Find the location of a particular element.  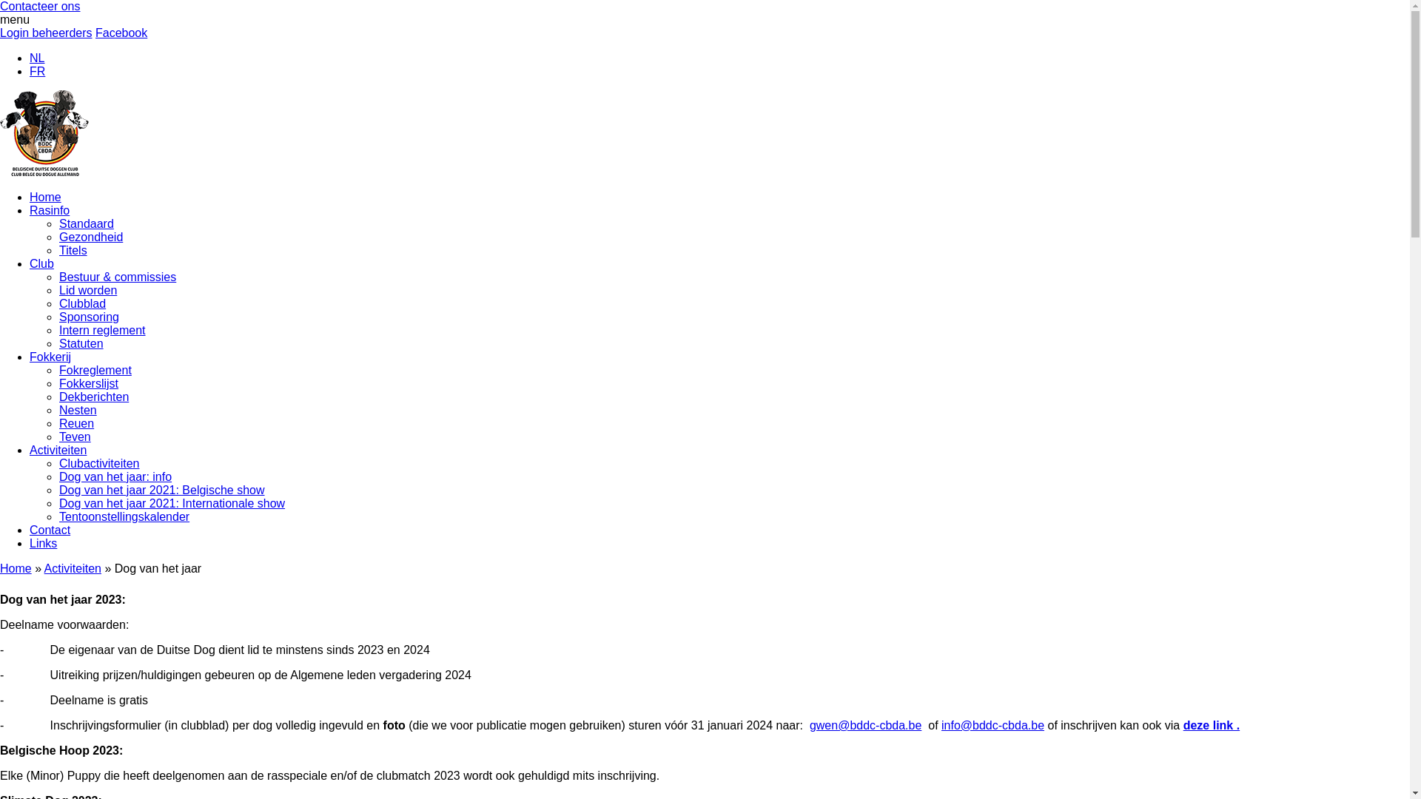

'Home' is located at coordinates (45, 196).